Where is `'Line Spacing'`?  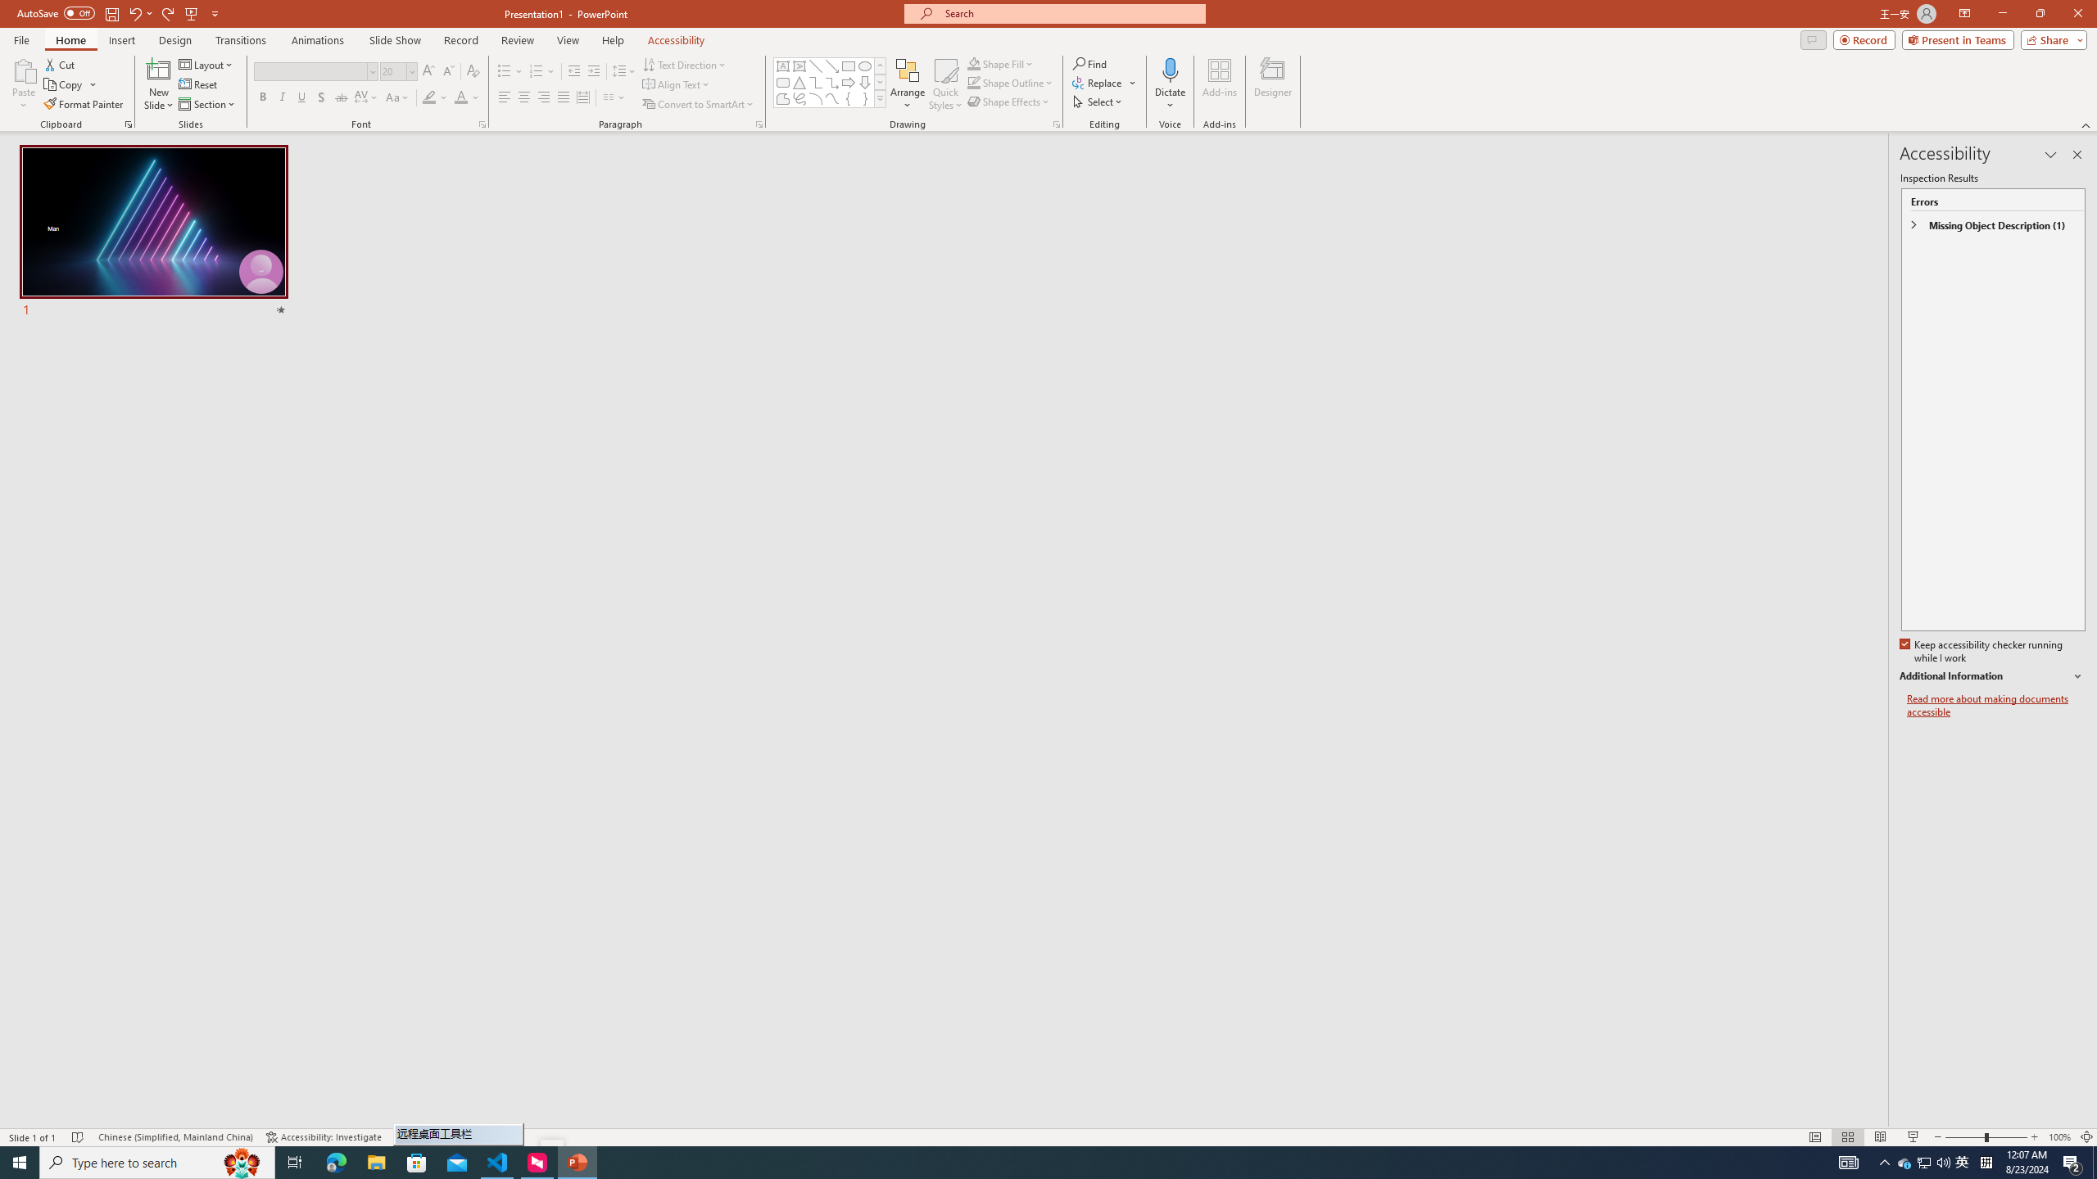
'Line Spacing' is located at coordinates (624, 71).